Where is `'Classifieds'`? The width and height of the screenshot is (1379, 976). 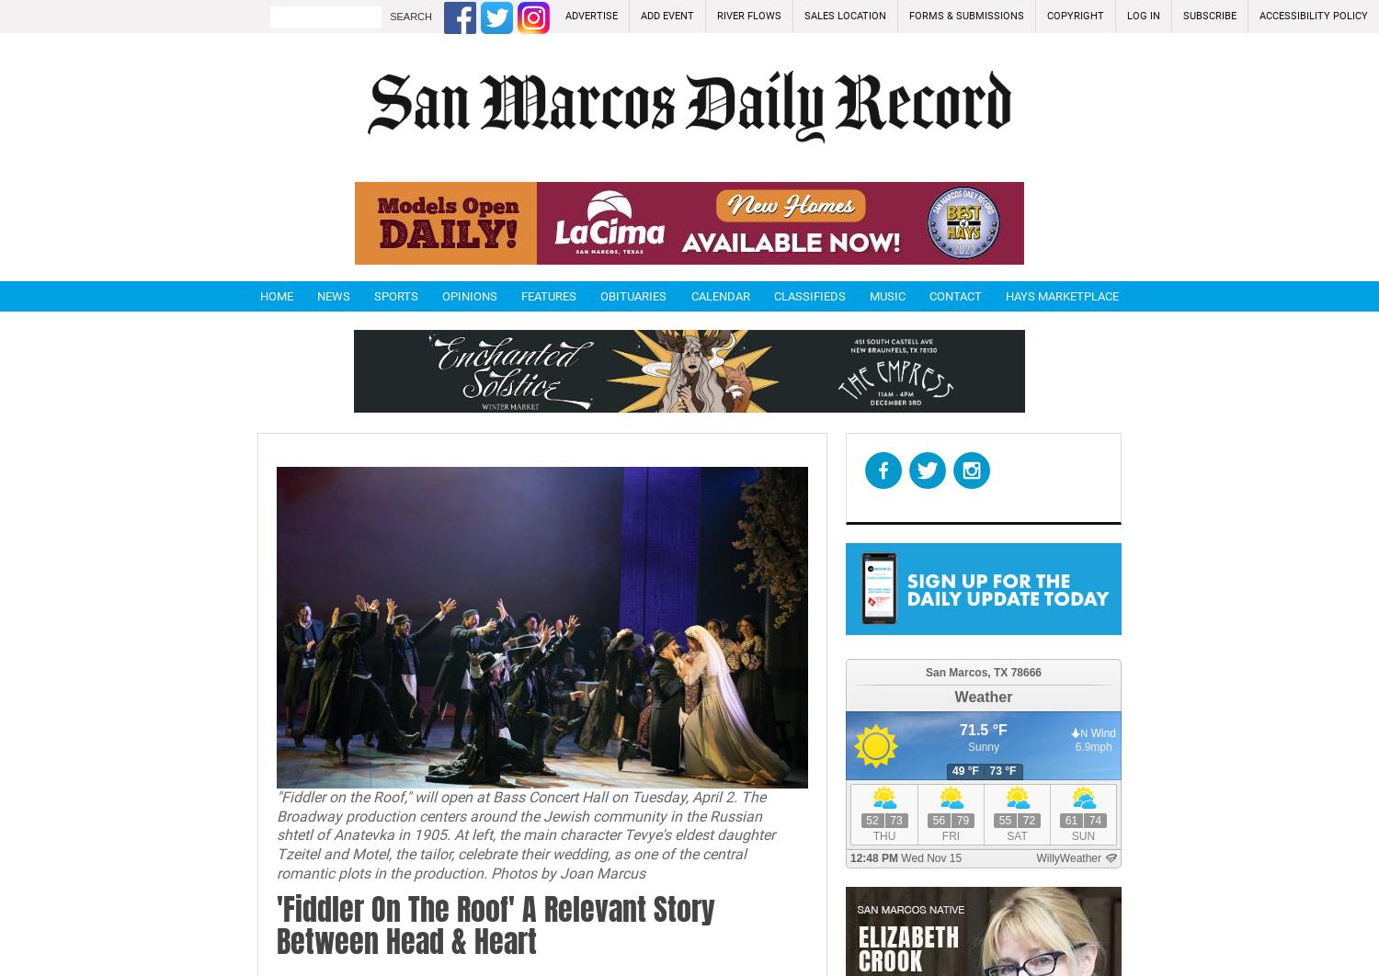
'Classifieds' is located at coordinates (772, 295).